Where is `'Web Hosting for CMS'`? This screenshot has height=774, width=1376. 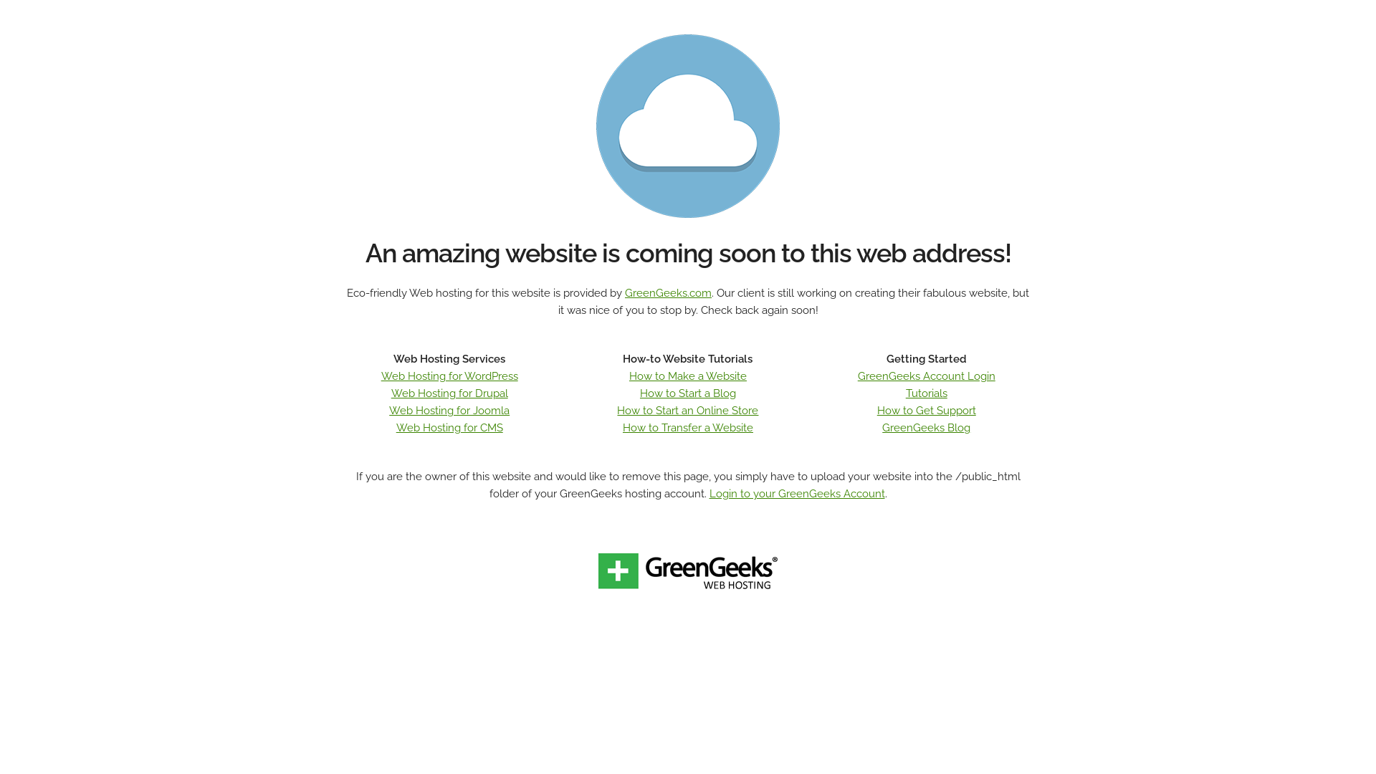 'Web Hosting for CMS' is located at coordinates (396, 427).